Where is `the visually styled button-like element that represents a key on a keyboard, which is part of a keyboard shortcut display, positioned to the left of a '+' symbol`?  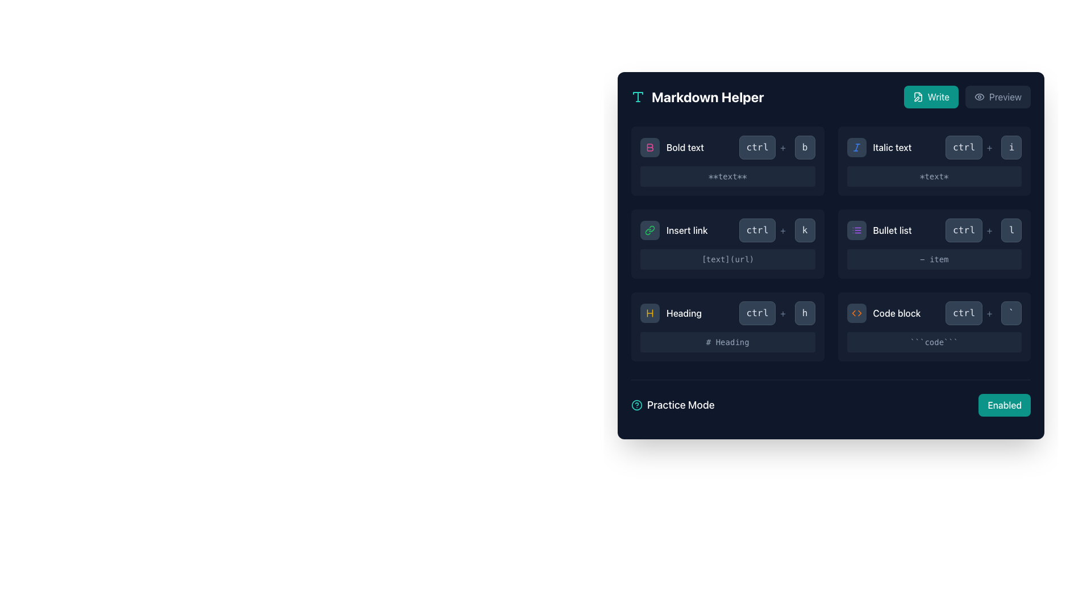
the visually styled button-like element that represents a key on a keyboard, which is part of a keyboard shortcut display, positioned to the left of a '+' symbol is located at coordinates (963, 146).